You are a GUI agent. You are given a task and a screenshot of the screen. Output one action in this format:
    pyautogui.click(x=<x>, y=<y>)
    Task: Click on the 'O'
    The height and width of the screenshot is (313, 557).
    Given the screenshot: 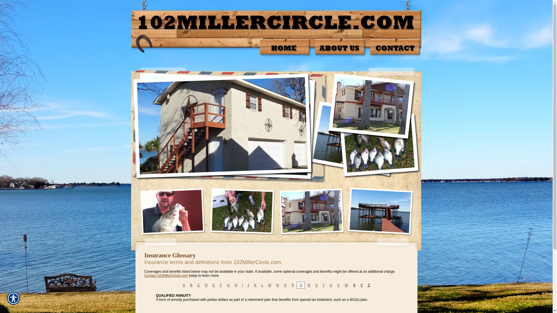 What is the action you would take?
    pyautogui.click(x=285, y=285)
    